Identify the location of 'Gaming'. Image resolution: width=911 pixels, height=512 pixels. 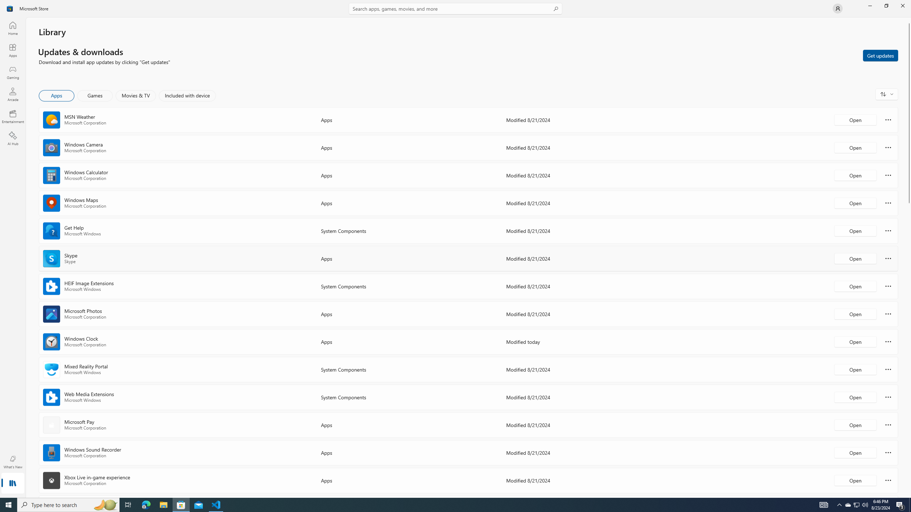
(12, 72).